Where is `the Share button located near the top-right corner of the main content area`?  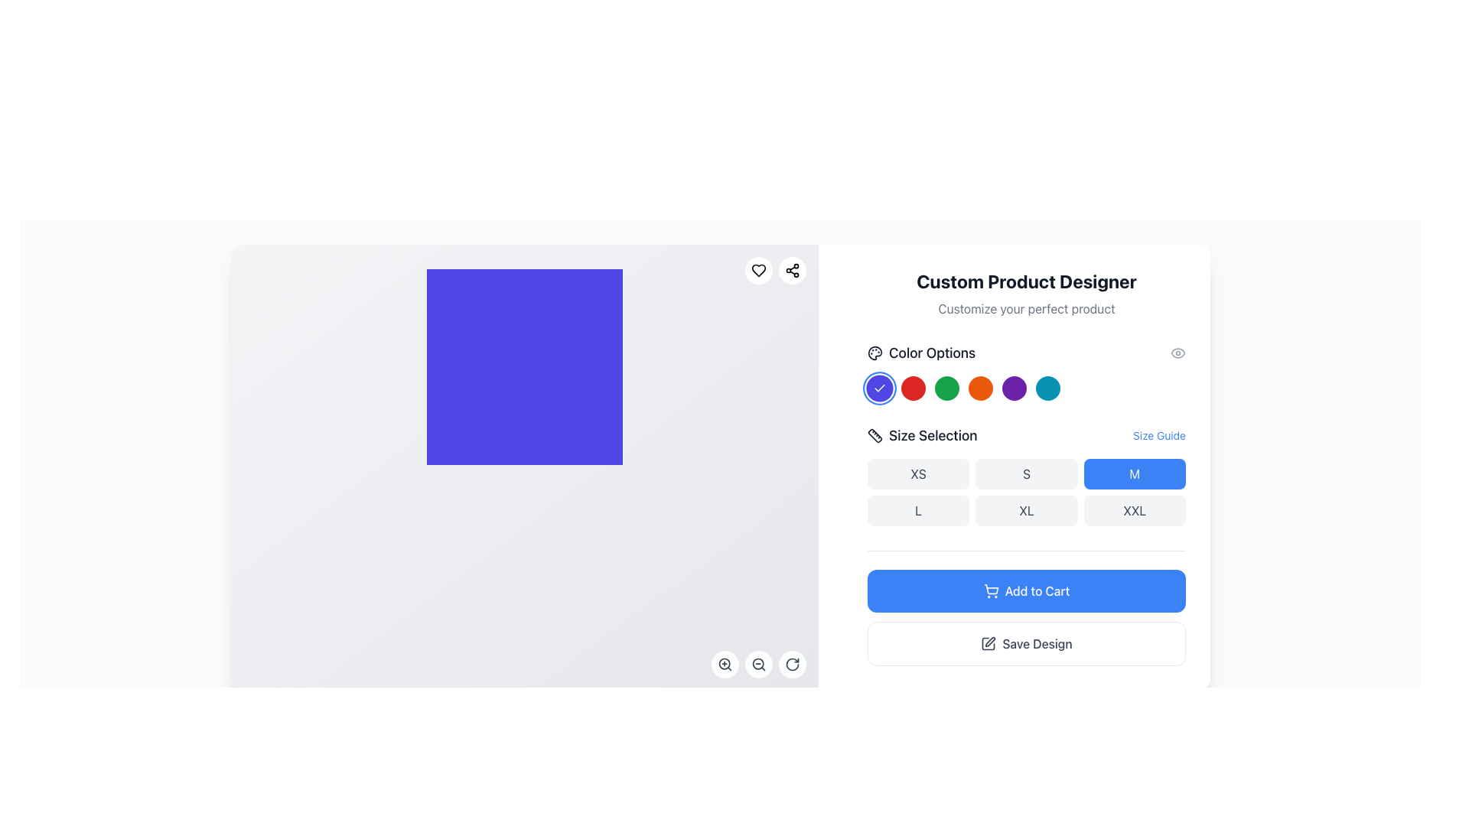 the Share button located near the top-right corner of the main content area is located at coordinates (793, 270).